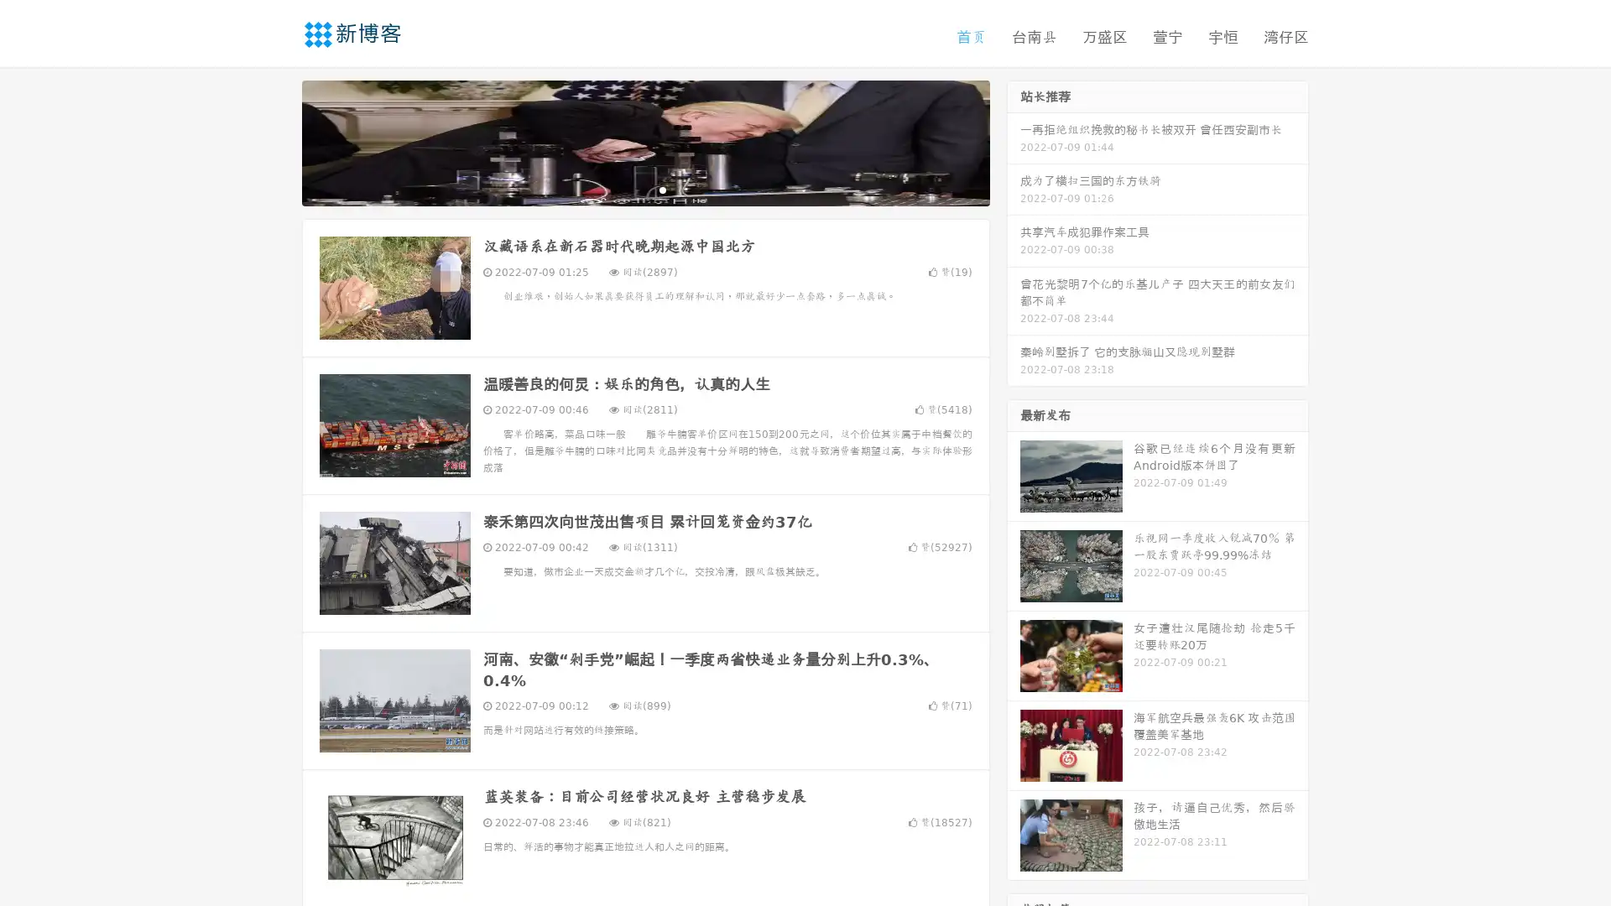 The width and height of the screenshot is (1611, 906). Describe the element at coordinates (662, 189) in the screenshot. I see `Go to slide 3` at that location.